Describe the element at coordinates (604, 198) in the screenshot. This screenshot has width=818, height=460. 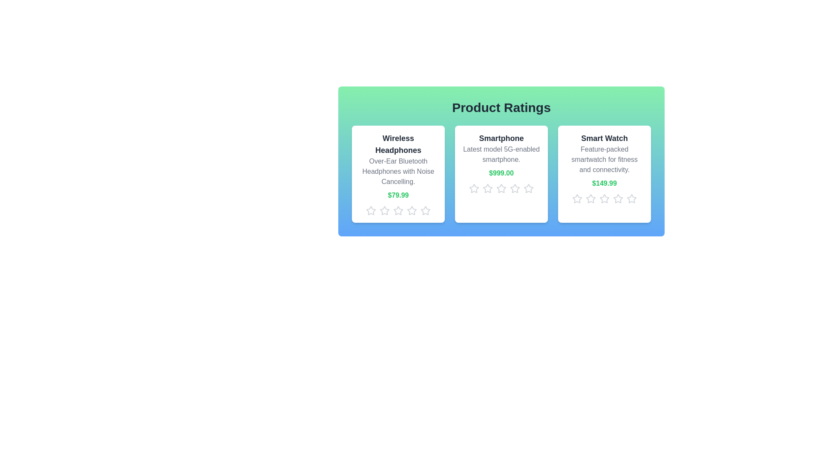
I see `the star icon corresponding to 3 stars for the product Smart Watch` at that location.